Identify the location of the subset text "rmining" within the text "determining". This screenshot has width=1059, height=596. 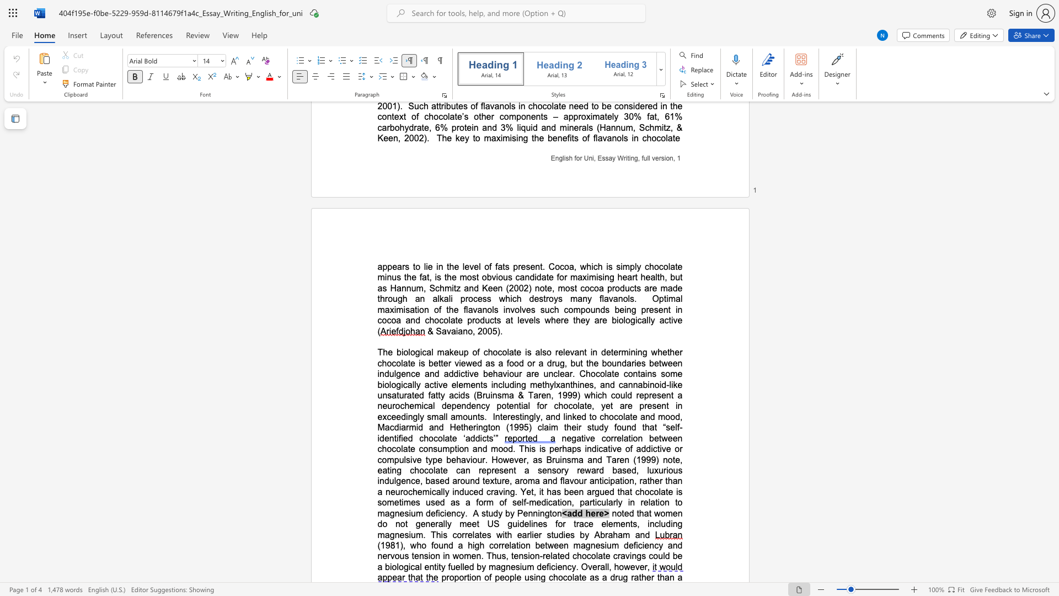
(618, 352).